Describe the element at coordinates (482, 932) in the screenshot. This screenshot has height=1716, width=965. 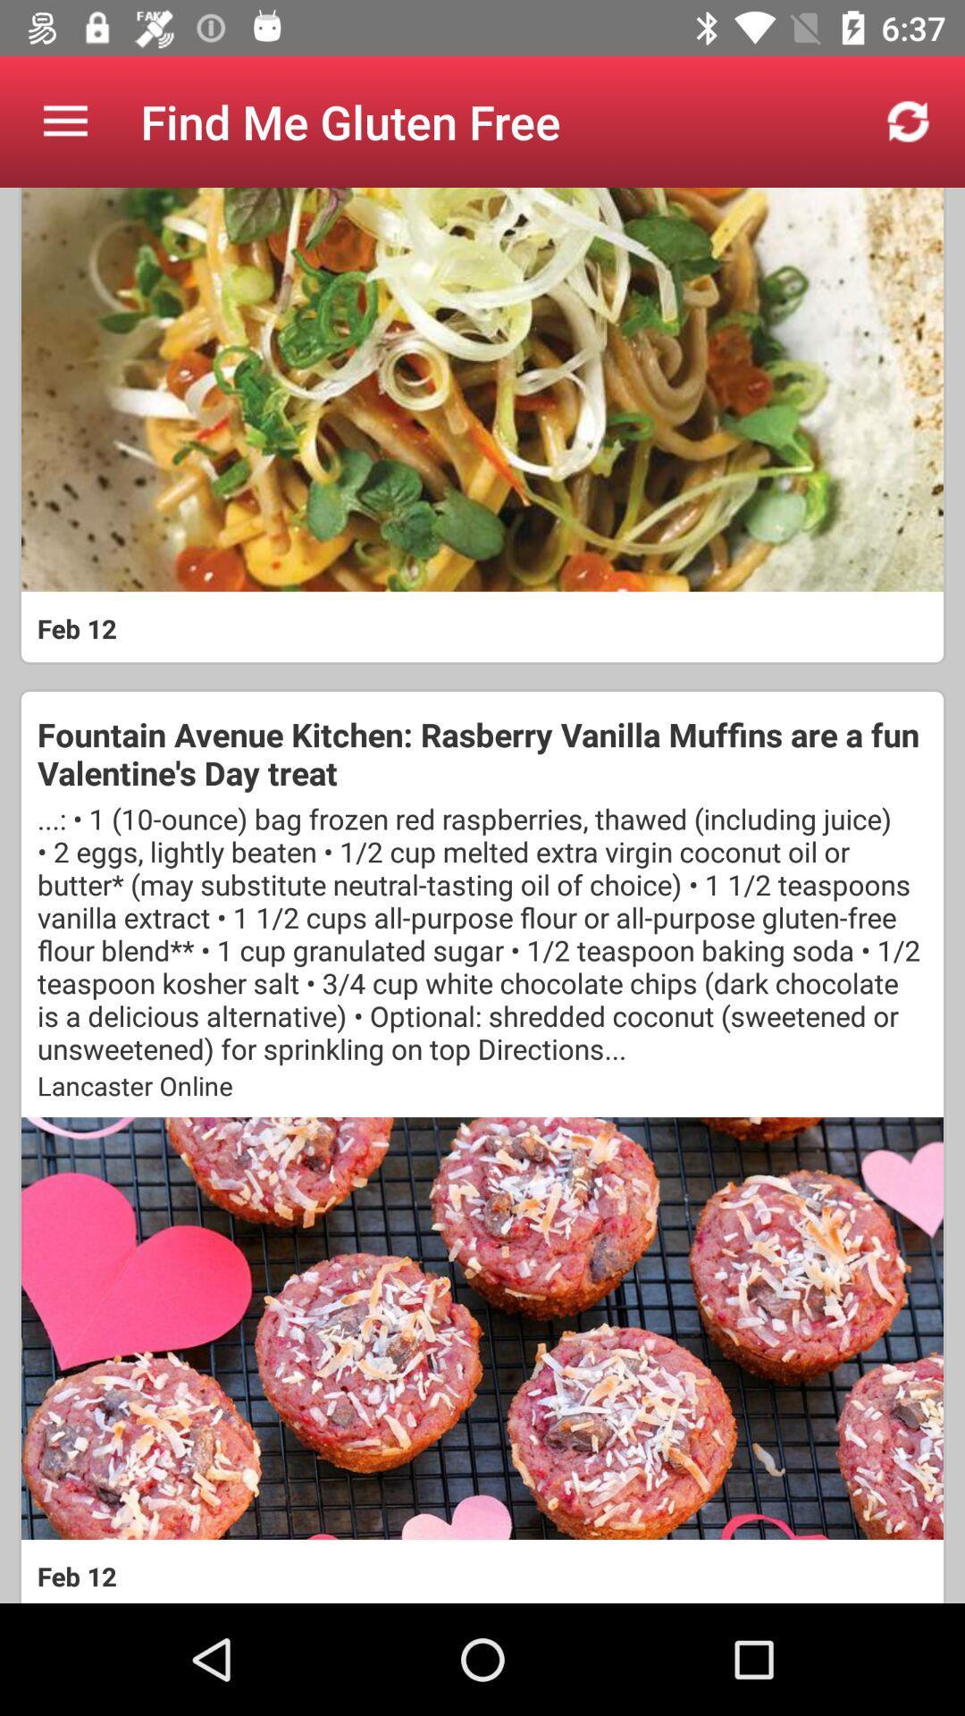
I see `the 1 10 ounce icon` at that location.